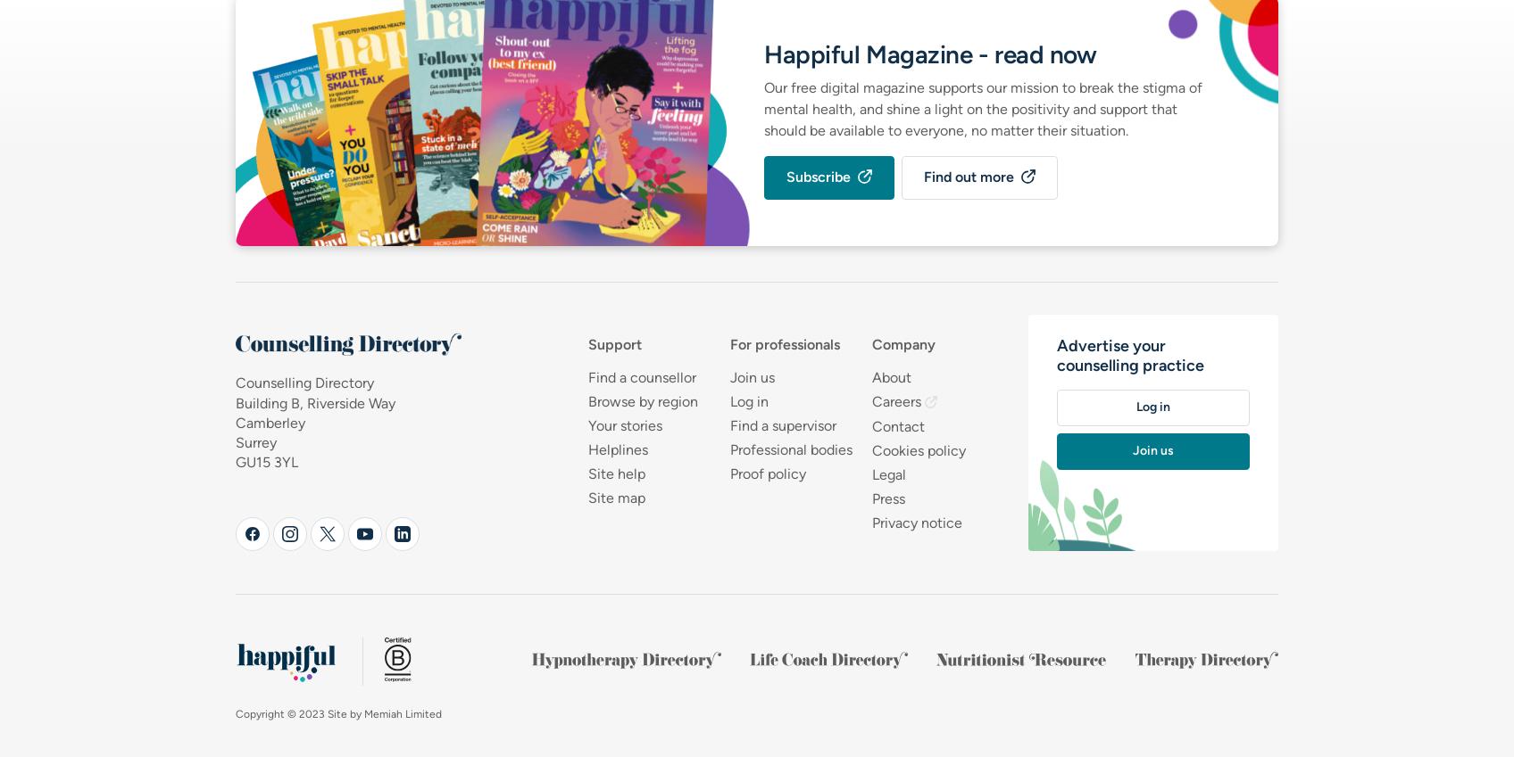 The width and height of the screenshot is (1514, 757). I want to click on 'Find a counsellor', so click(641, 376).